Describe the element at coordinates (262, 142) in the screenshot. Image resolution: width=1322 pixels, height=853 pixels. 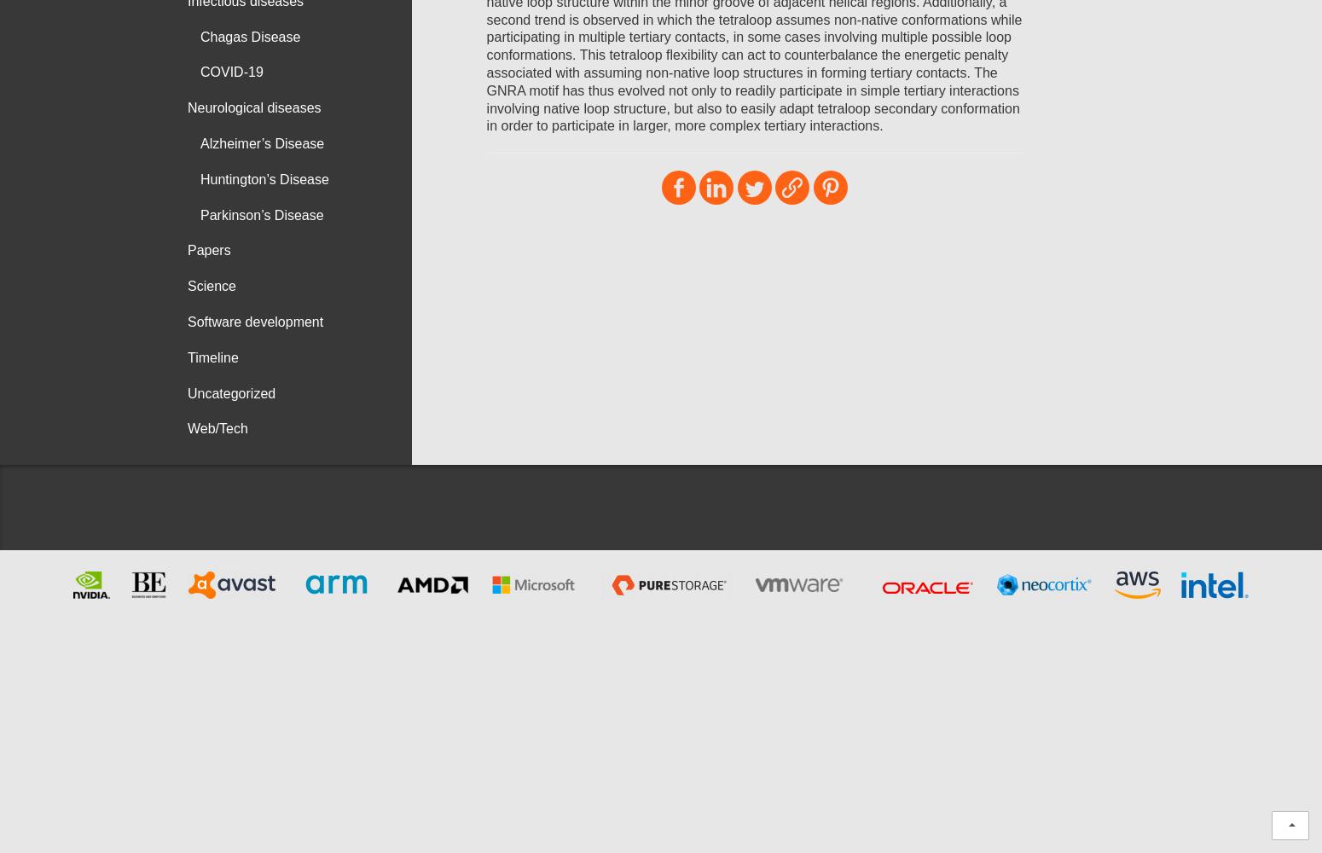
I see `'Alzheimer’s Disease'` at that location.